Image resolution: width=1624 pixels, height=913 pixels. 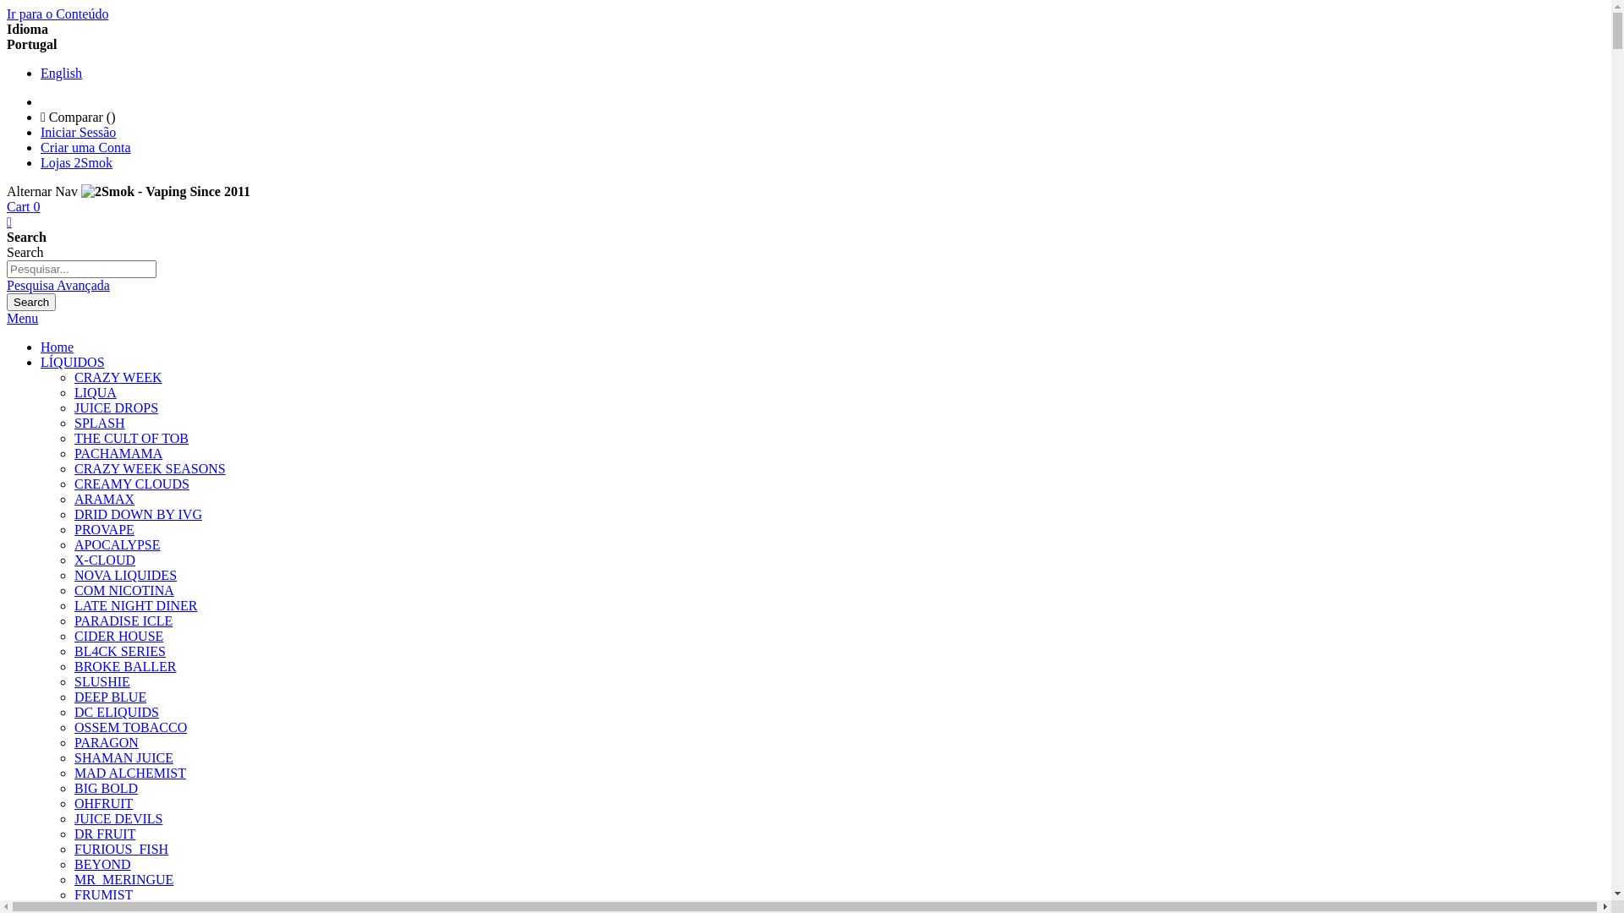 I want to click on 'Home', so click(x=57, y=346).